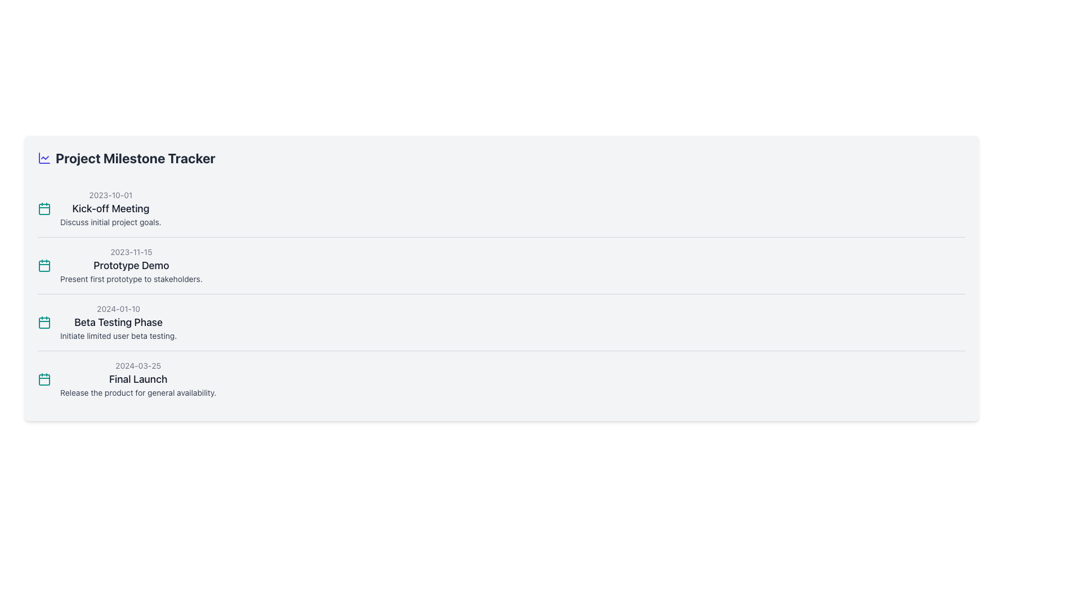  Describe the element at coordinates (501, 265) in the screenshot. I see `the milestone section displaying the date '2023-11-15', title 'Prototype Demo', and description 'Present first prototype to stakeholders.' located between 'Kick-off Meeting' and 'Beta Testing Phase'` at that location.